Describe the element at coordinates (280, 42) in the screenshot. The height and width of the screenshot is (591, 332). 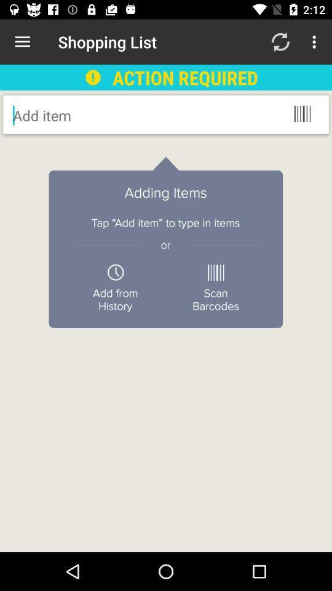
I see `the item above the action required icon` at that location.